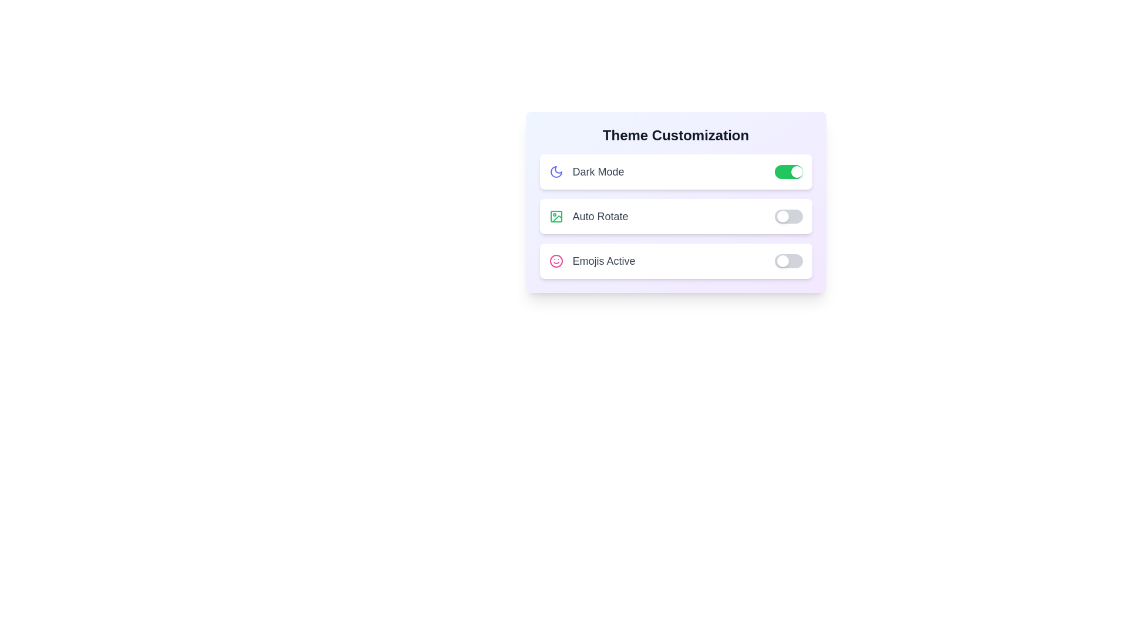 The width and height of the screenshot is (1127, 634). Describe the element at coordinates (676, 260) in the screenshot. I see `the third card in the 'Theme Customization' section to enable additional context or feedback regarding the 'Emojis Active' toggle switch` at that location.